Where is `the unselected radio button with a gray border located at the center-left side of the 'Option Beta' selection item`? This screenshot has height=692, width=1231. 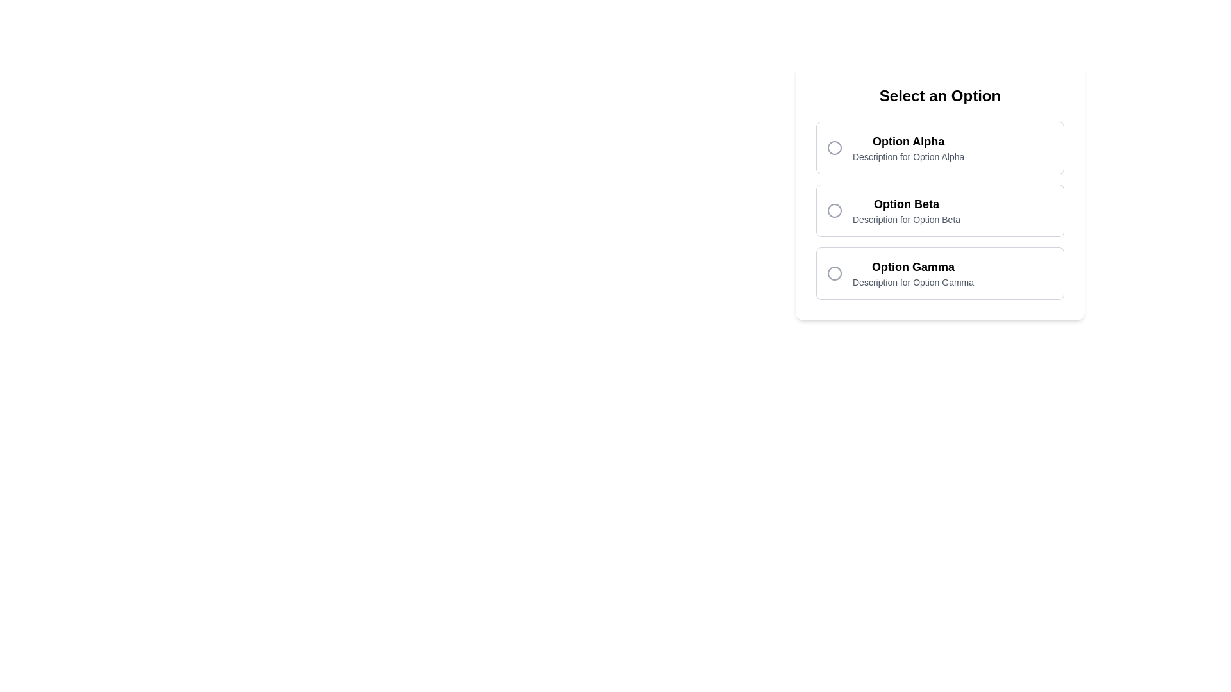
the unselected radio button with a gray border located at the center-left side of the 'Option Beta' selection item is located at coordinates (834, 210).